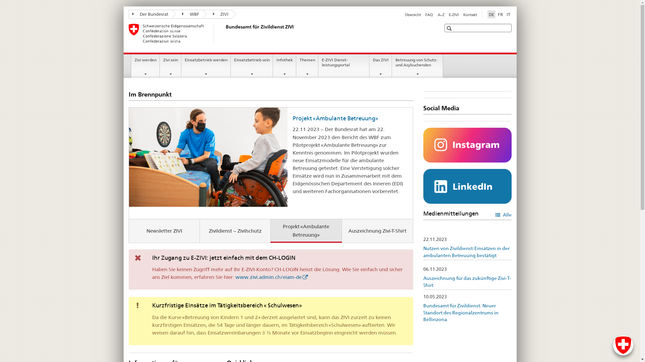 The height and width of the screenshot is (362, 645). Describe the element at coordinates (217, 14) in the screenshot. I see `'ZIVI'` at that location.